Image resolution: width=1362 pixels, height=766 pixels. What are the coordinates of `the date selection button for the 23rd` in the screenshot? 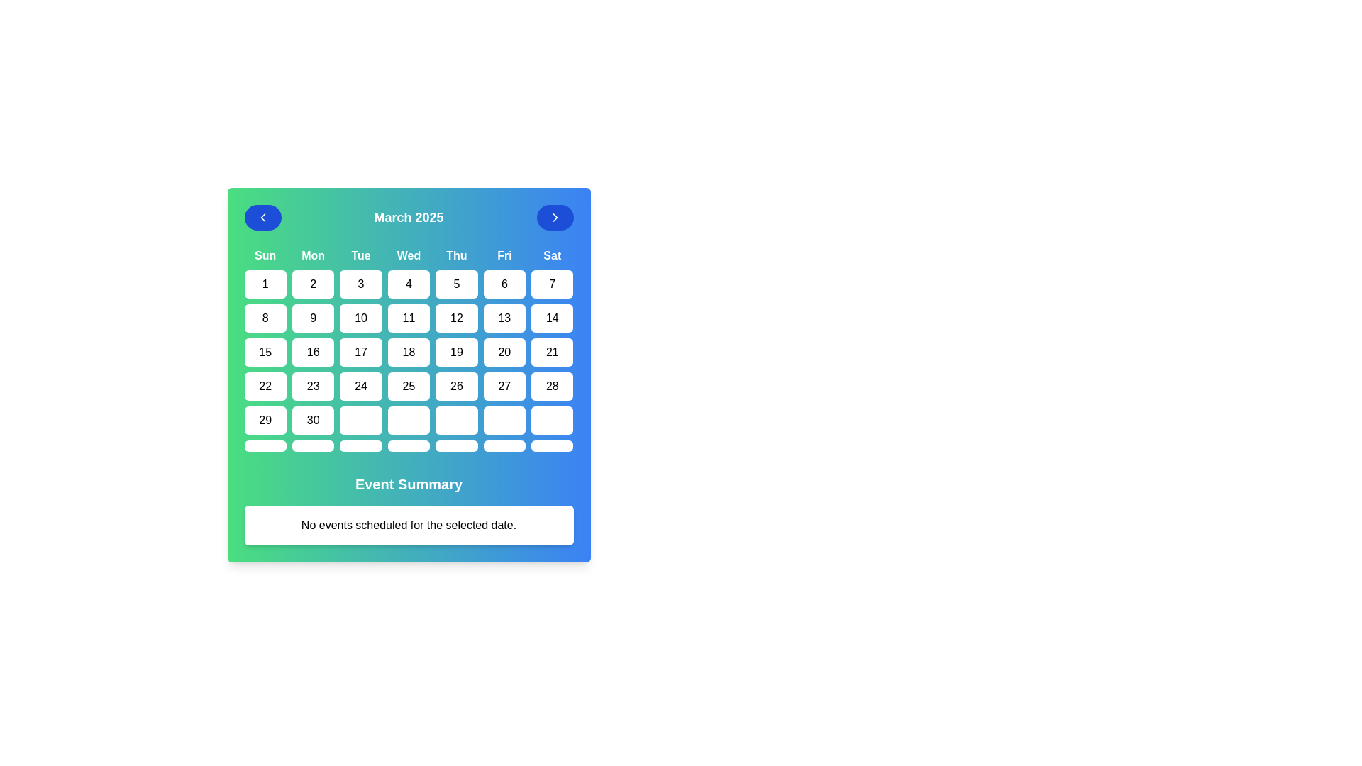 It's located at (312, 386).